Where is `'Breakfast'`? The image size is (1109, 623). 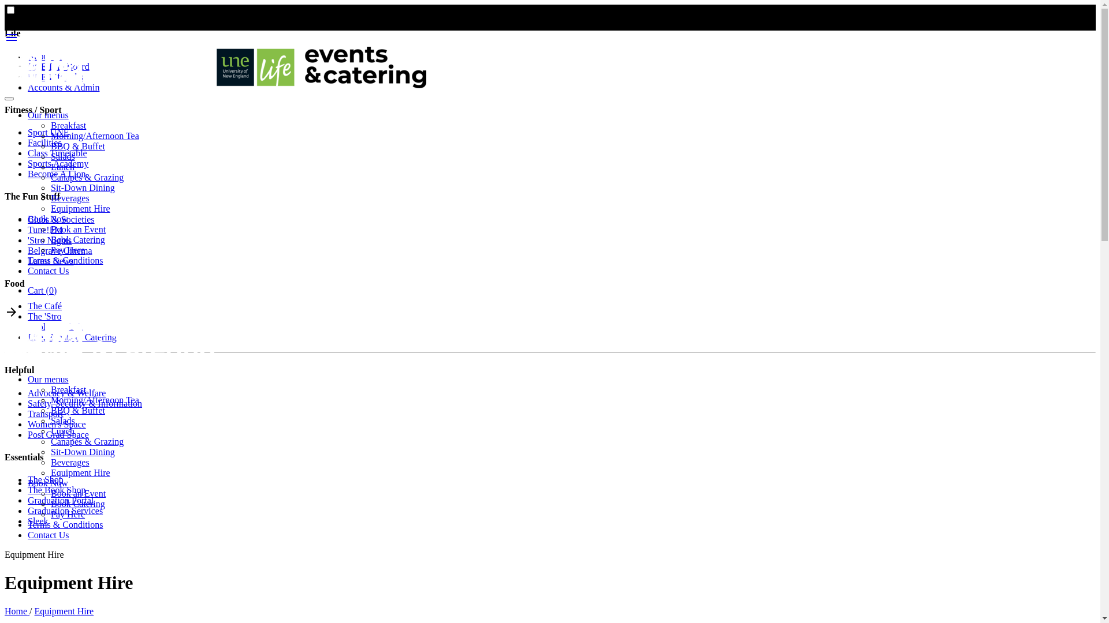 'Breakfast' is located at coordinates (50, 389).